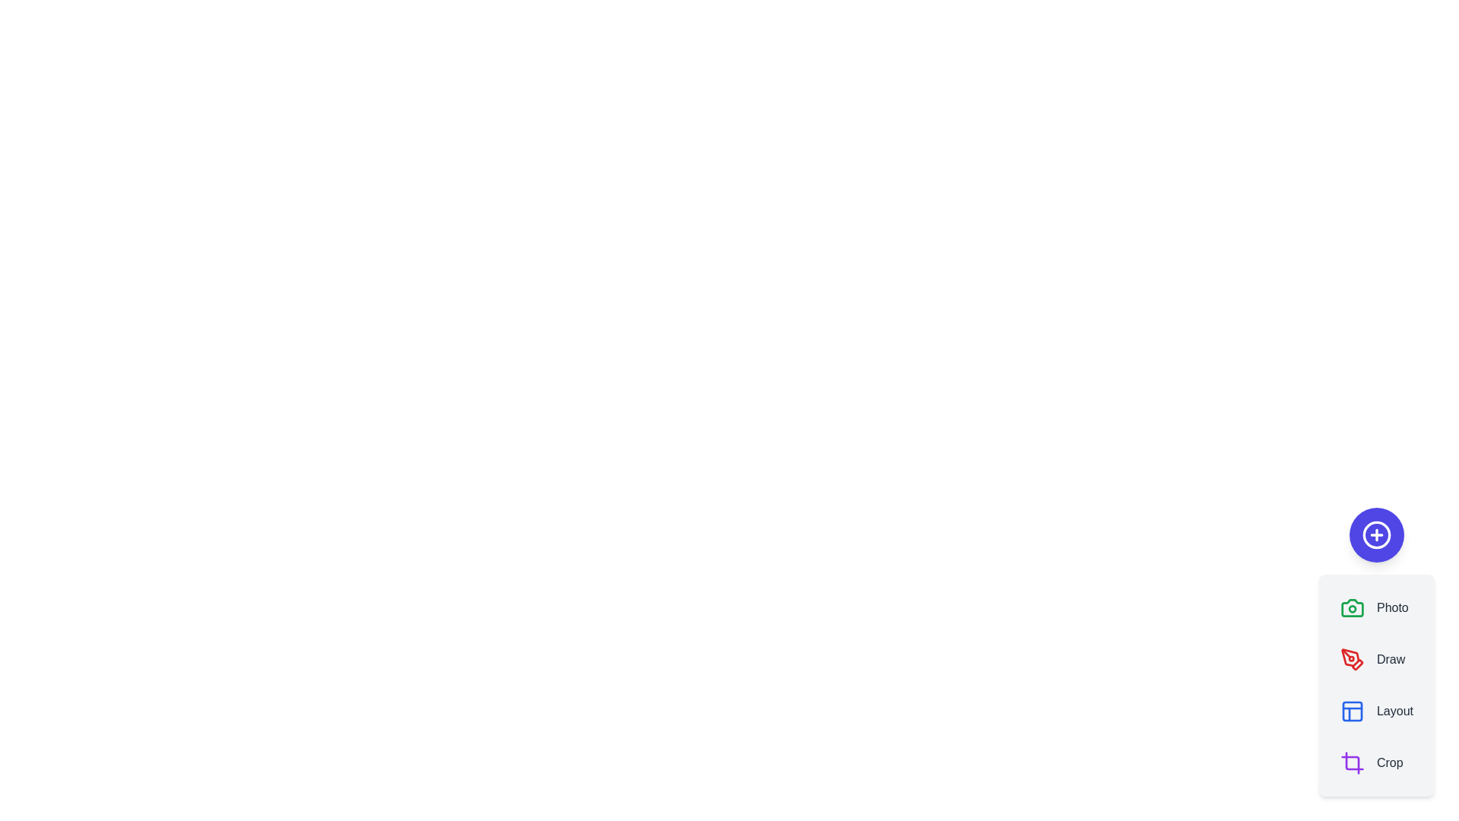 The height and width of the screenshot is (821, 1459). Describe the element at coordinates (1372, 762) in the screenshot. I see `the Crop button to select it` at that location.